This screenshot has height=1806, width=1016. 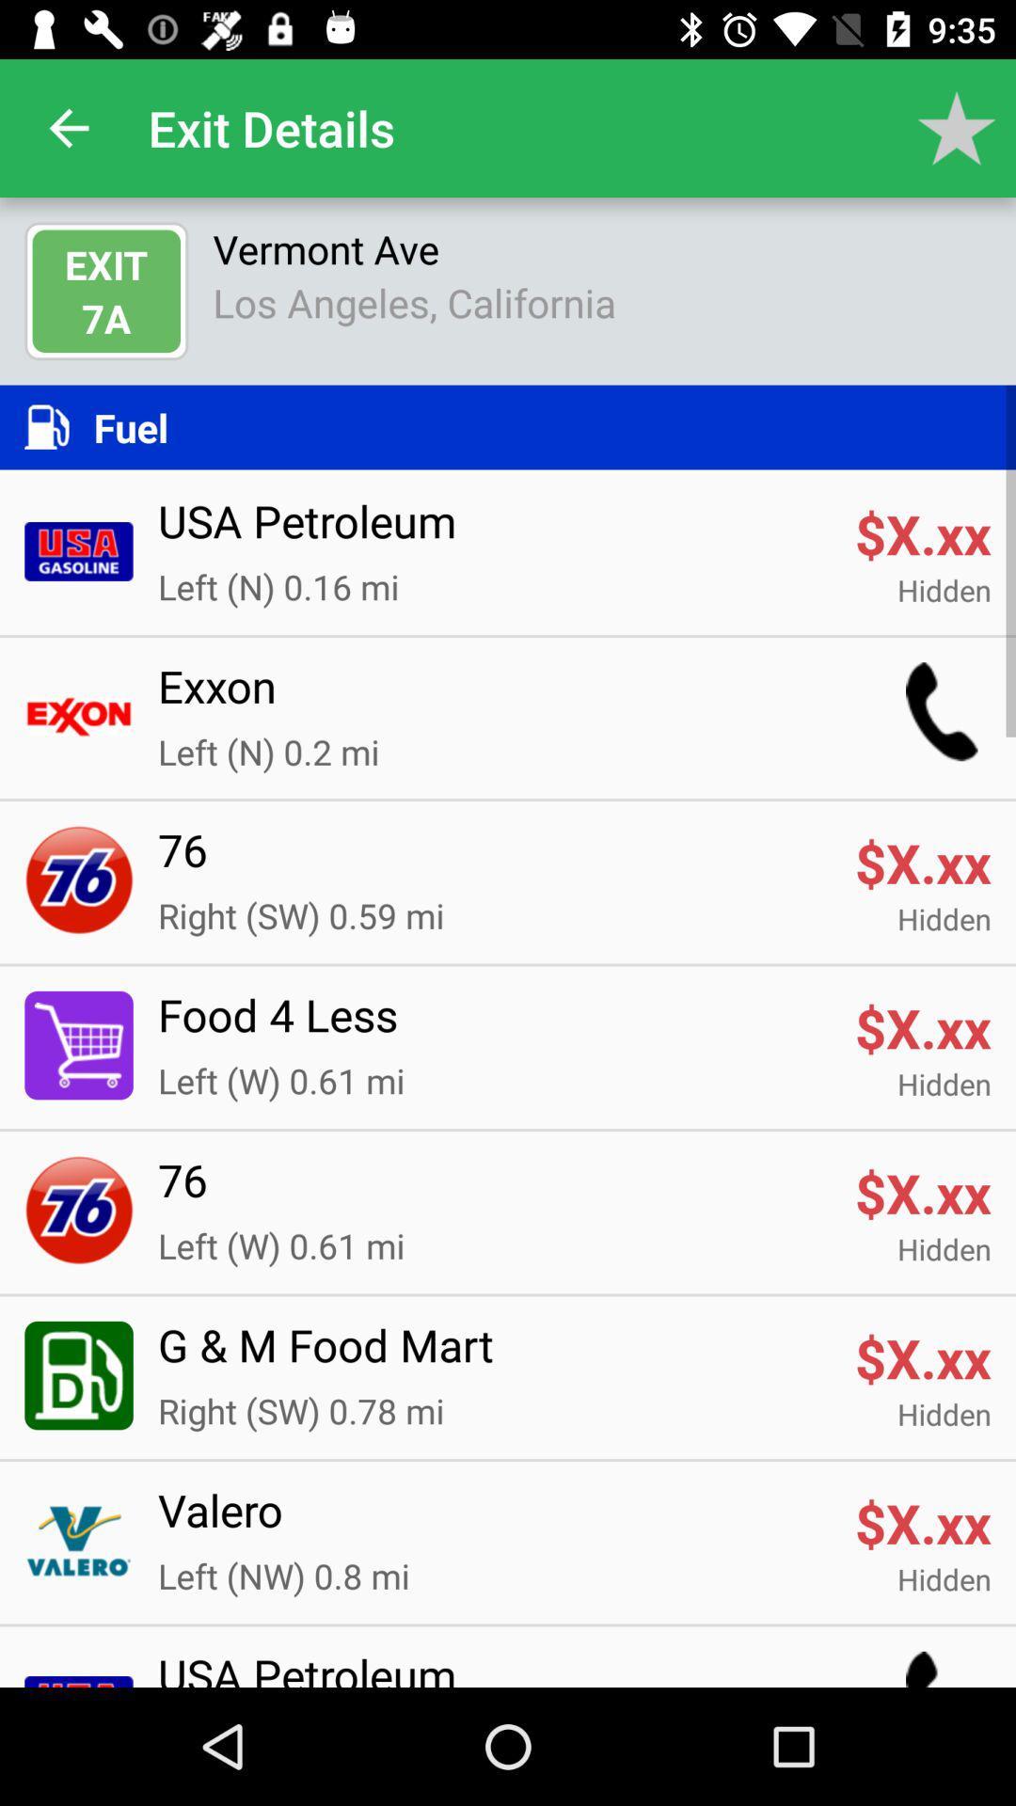 What do you see at coordinates (493, 1025) in the screenshot?
I see `item next to the $x.xx icon` at bounding box center [493, 1025].